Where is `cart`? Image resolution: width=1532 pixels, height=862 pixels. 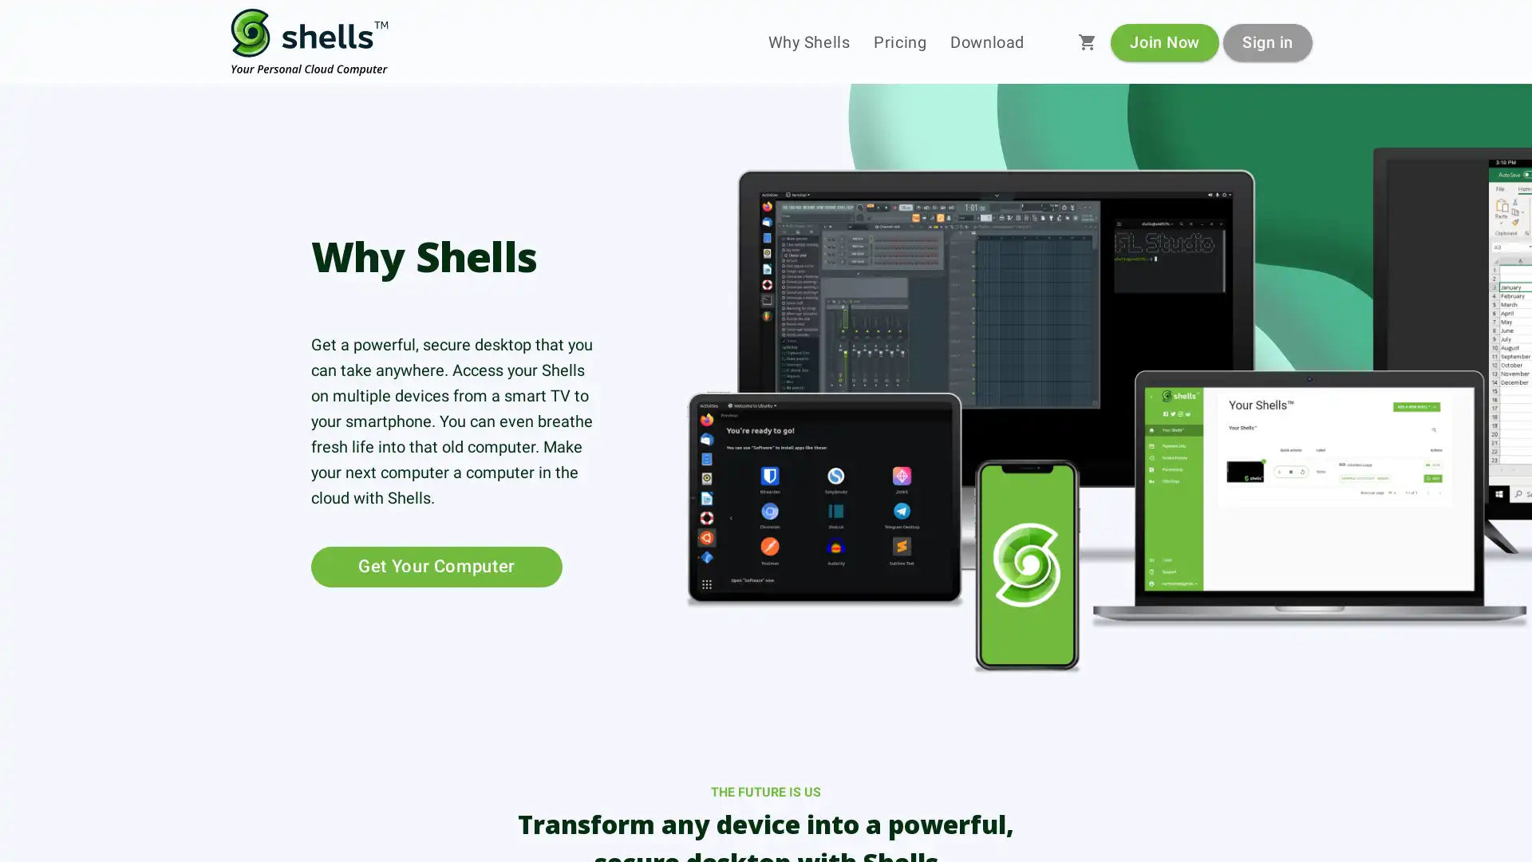 cart is located at coordinates (1087, 42).